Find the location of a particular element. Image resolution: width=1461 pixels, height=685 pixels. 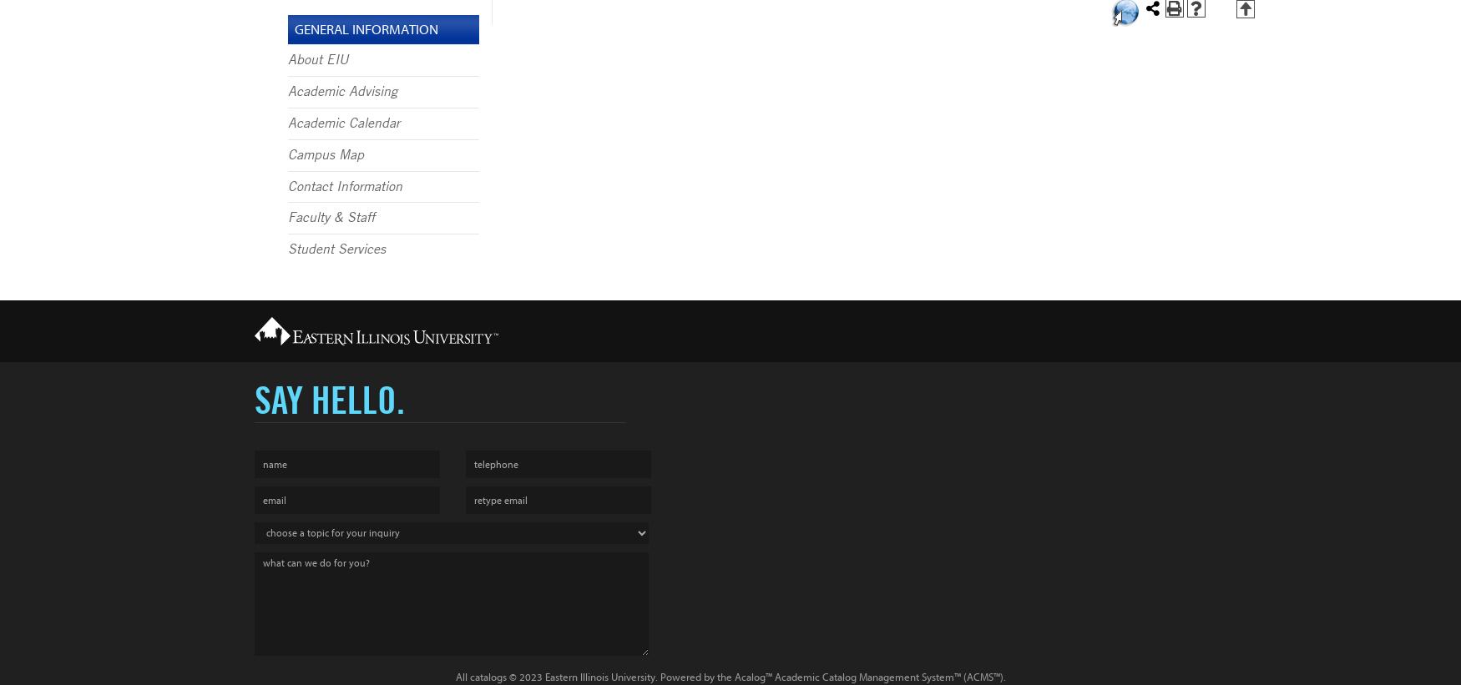

'Campus Map' is located at coordinates (325, 153).